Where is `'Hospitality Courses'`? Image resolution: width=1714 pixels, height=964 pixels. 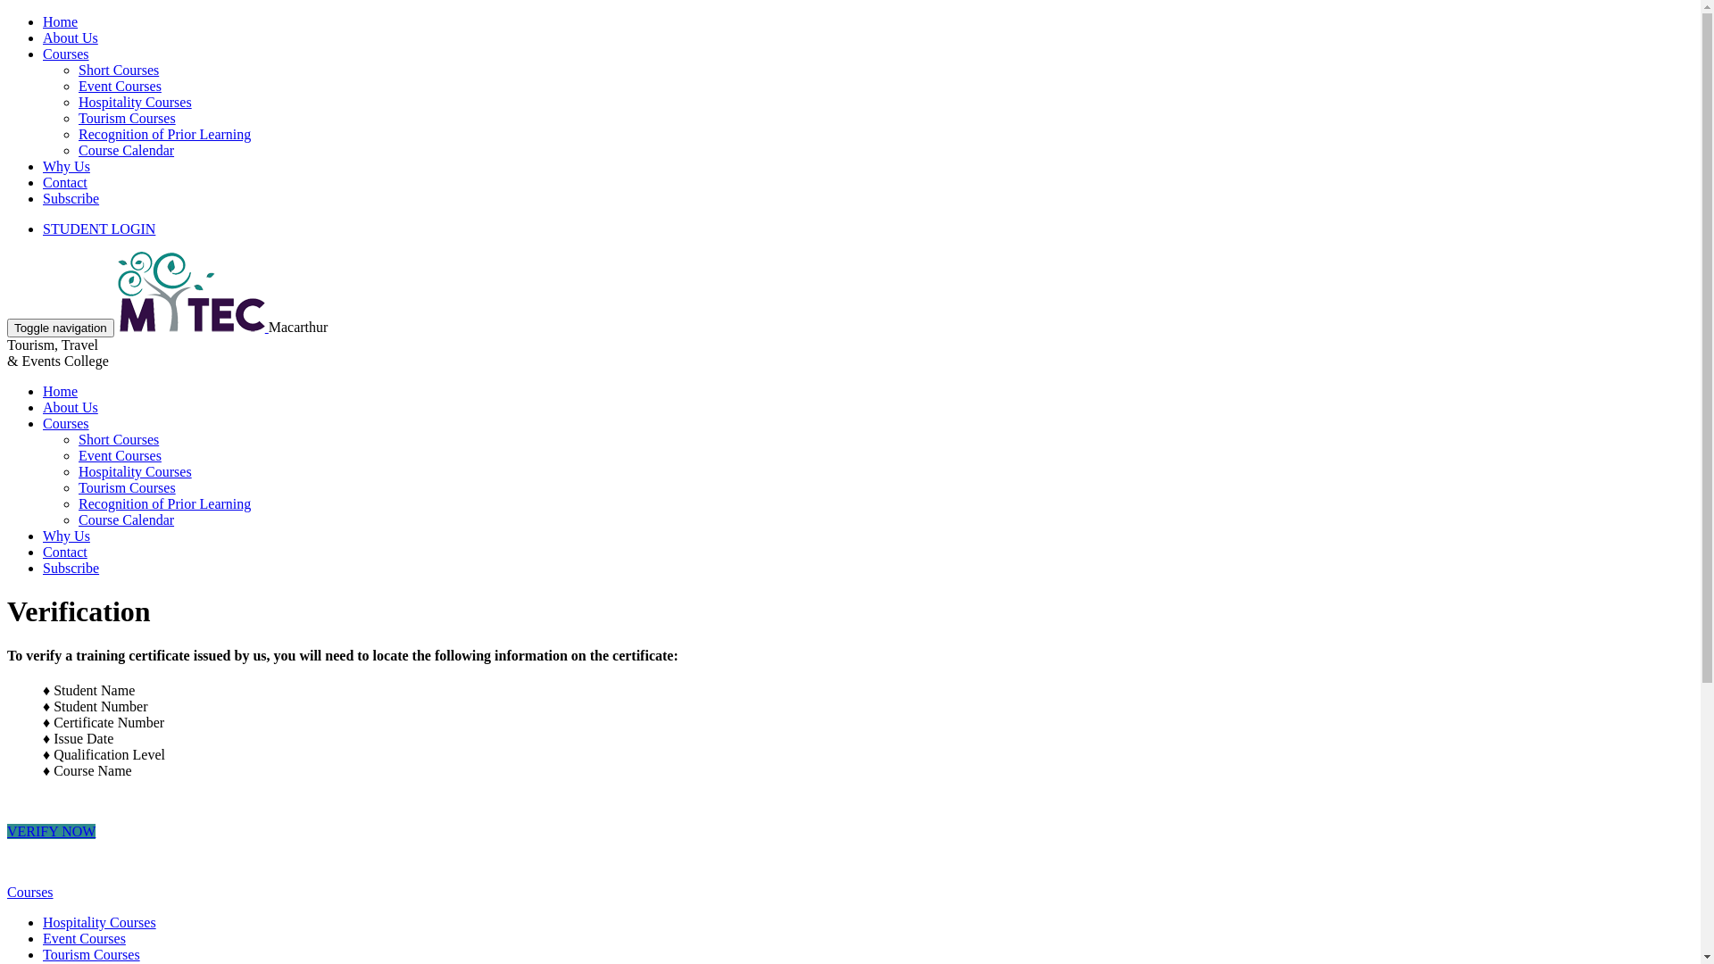 'Hospitality Courses' is located at coordinates (43, 922).